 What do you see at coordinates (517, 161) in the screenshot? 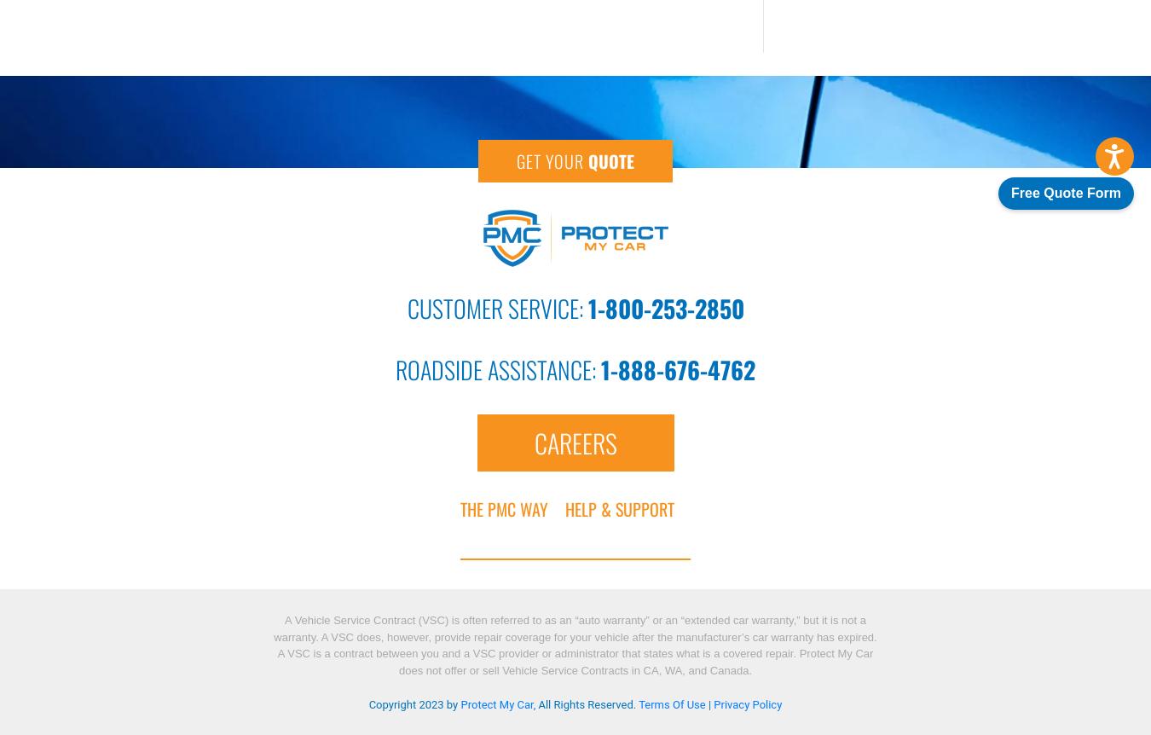
I see `'Get Your'` at bounding box center [517, 161].